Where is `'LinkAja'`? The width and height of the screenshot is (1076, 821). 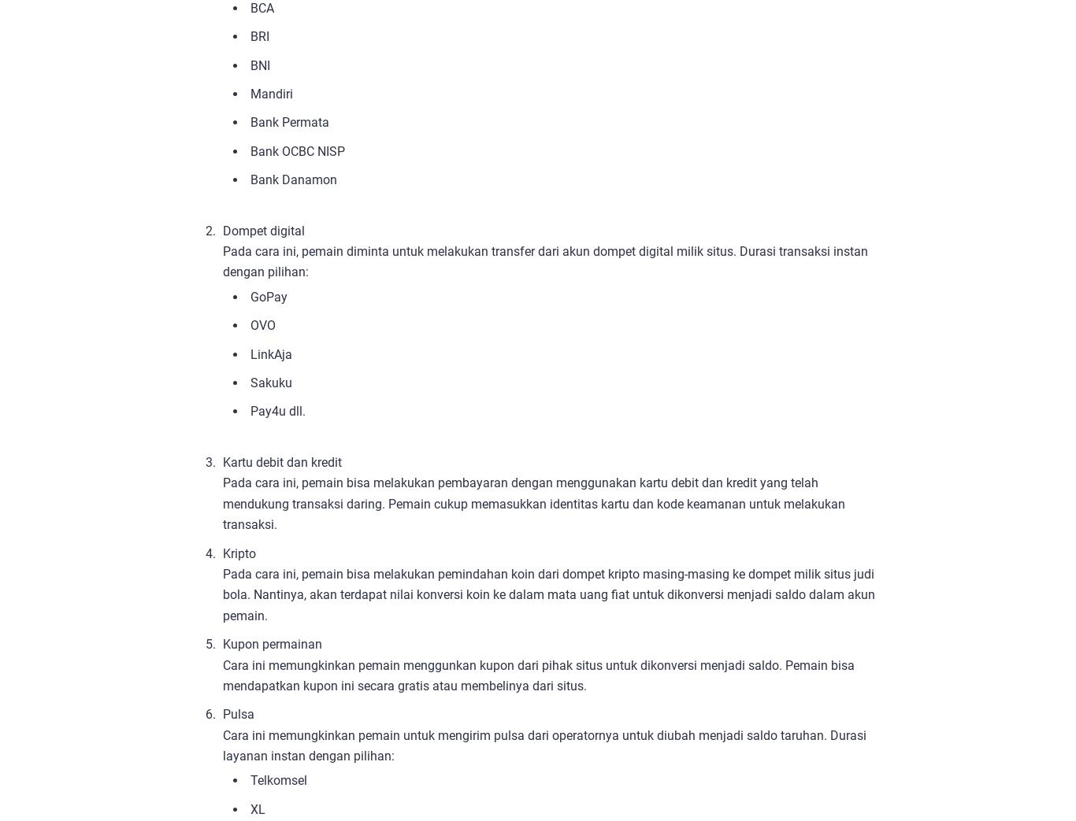 'LinkAja' is located at coordinates (270, 353).